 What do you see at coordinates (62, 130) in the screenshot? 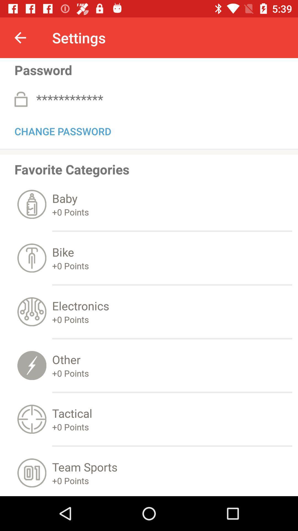
I see `change password item` at bounding box center [62, 130].